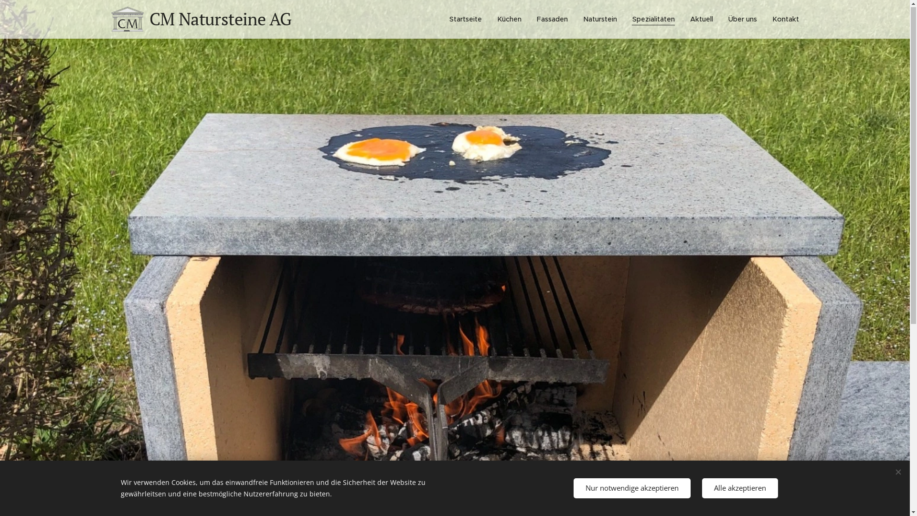 This screenshot has height=516, width=917. Describe the element at coordinates (739, 488) in the screenshot. I see `'Alle akzeptieren'` at that location.